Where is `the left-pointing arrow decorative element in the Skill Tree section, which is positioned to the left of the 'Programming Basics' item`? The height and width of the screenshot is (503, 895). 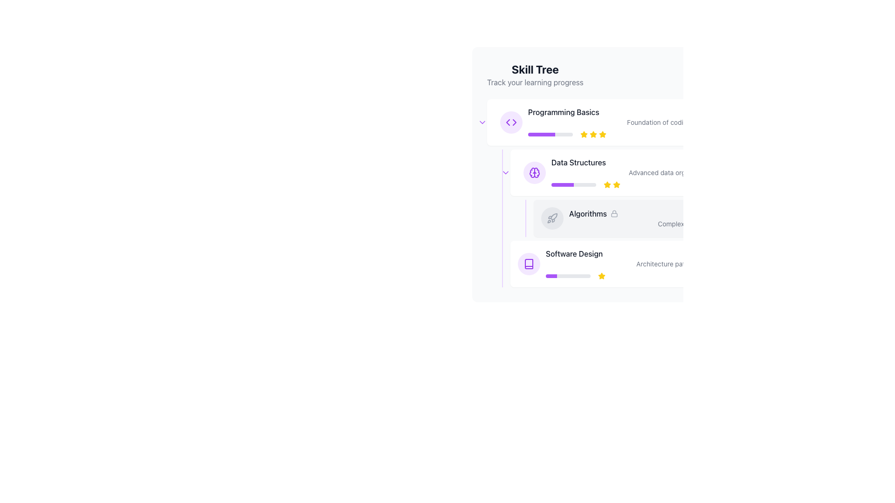 the left-pointing arrow decorative element in the Skill Tree section, which is positioned to the left of the 'Programming Basics' item is located at coordinates (507, 122).